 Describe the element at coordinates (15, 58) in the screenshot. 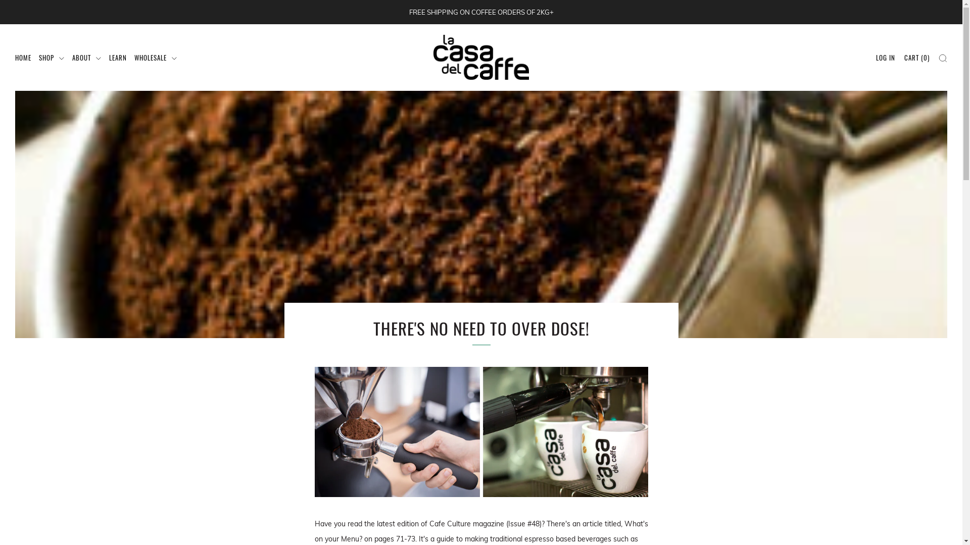

I see `'HOME'` at that location.